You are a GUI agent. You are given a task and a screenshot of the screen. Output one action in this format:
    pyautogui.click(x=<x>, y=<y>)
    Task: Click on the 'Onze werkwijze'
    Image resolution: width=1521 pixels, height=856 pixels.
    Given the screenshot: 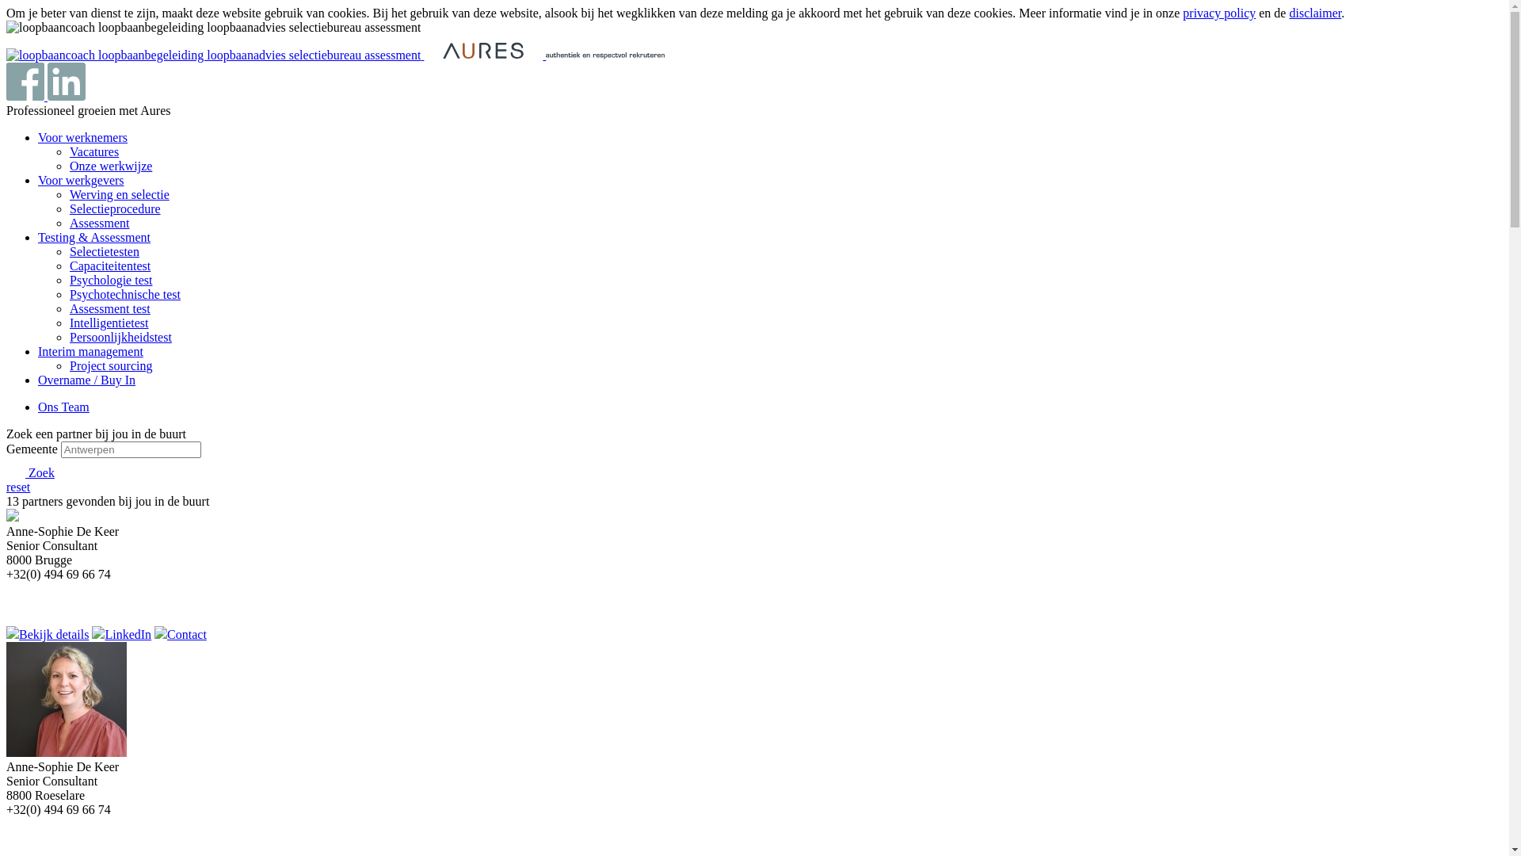 What is the action you would take?
    pyautogui.click(x=109, y=166)
    